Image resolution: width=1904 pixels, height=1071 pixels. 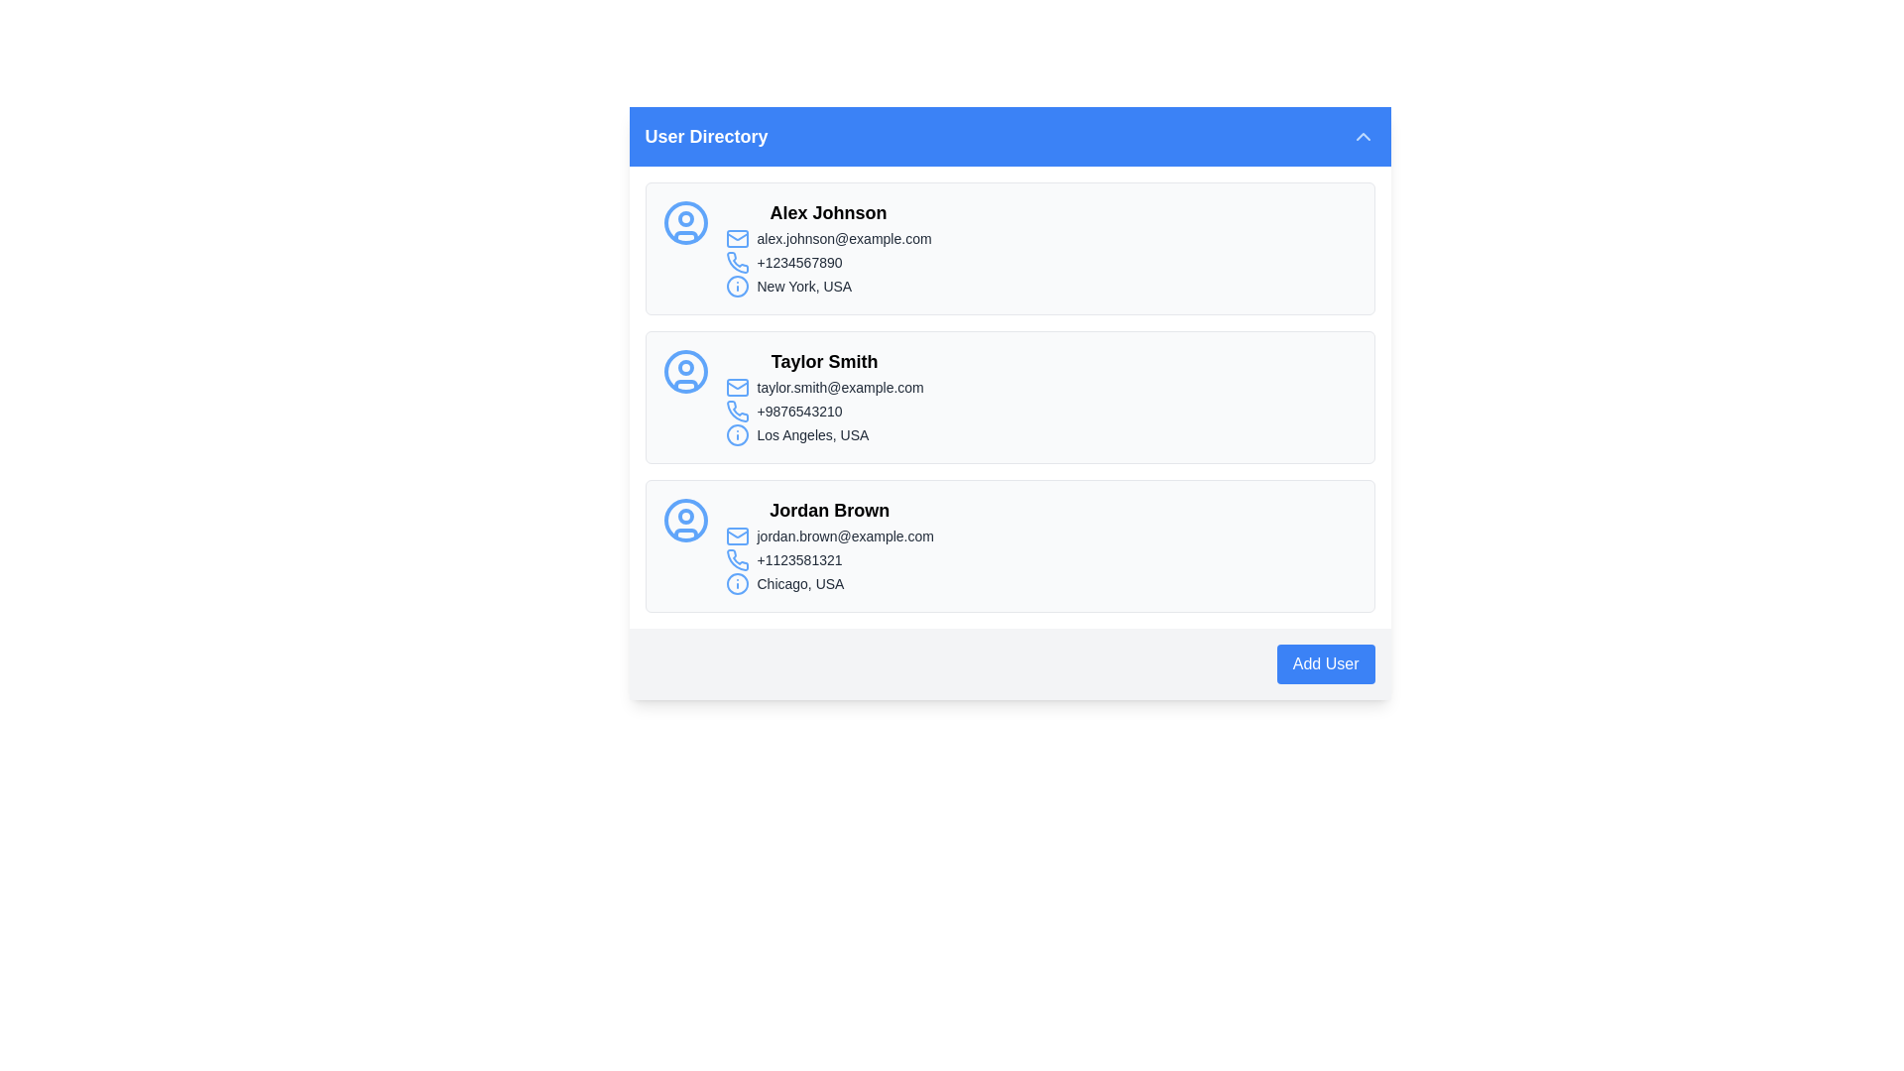 What do you see at coordinates (685, 519) in the screenshot?
I see `the circular outline of the user icon for Jordan Brown, which is the largest circle in the SVG representation` at bounding box center [685, 519].